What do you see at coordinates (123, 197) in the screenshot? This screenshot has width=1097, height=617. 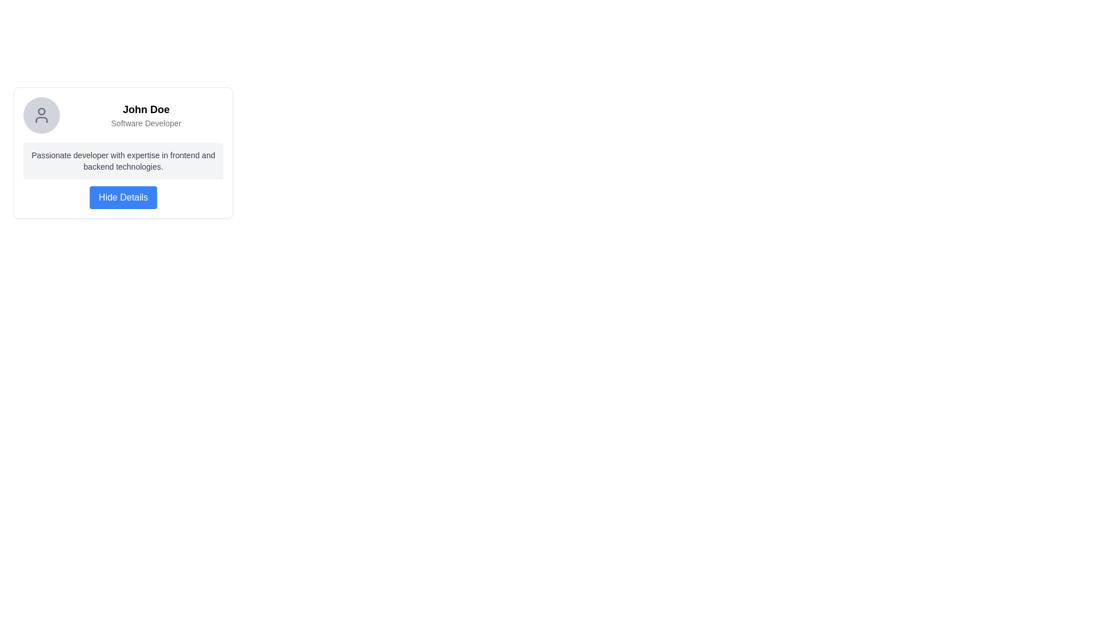 I see `the rectangular button with rounded corners, styled with a blue background and white text reading 'Hide Details'` at bounding box center [123, 197].